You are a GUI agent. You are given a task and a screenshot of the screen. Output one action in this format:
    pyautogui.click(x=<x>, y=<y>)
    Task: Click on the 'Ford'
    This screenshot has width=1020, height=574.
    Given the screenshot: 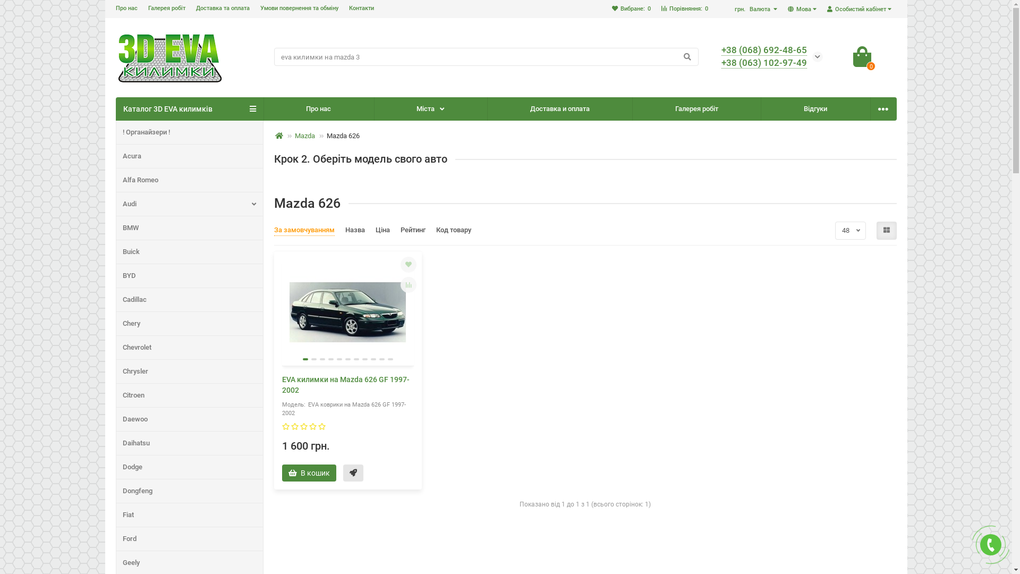 What is the action you would take?
    pyautogui.click(x=189, y=539)
    